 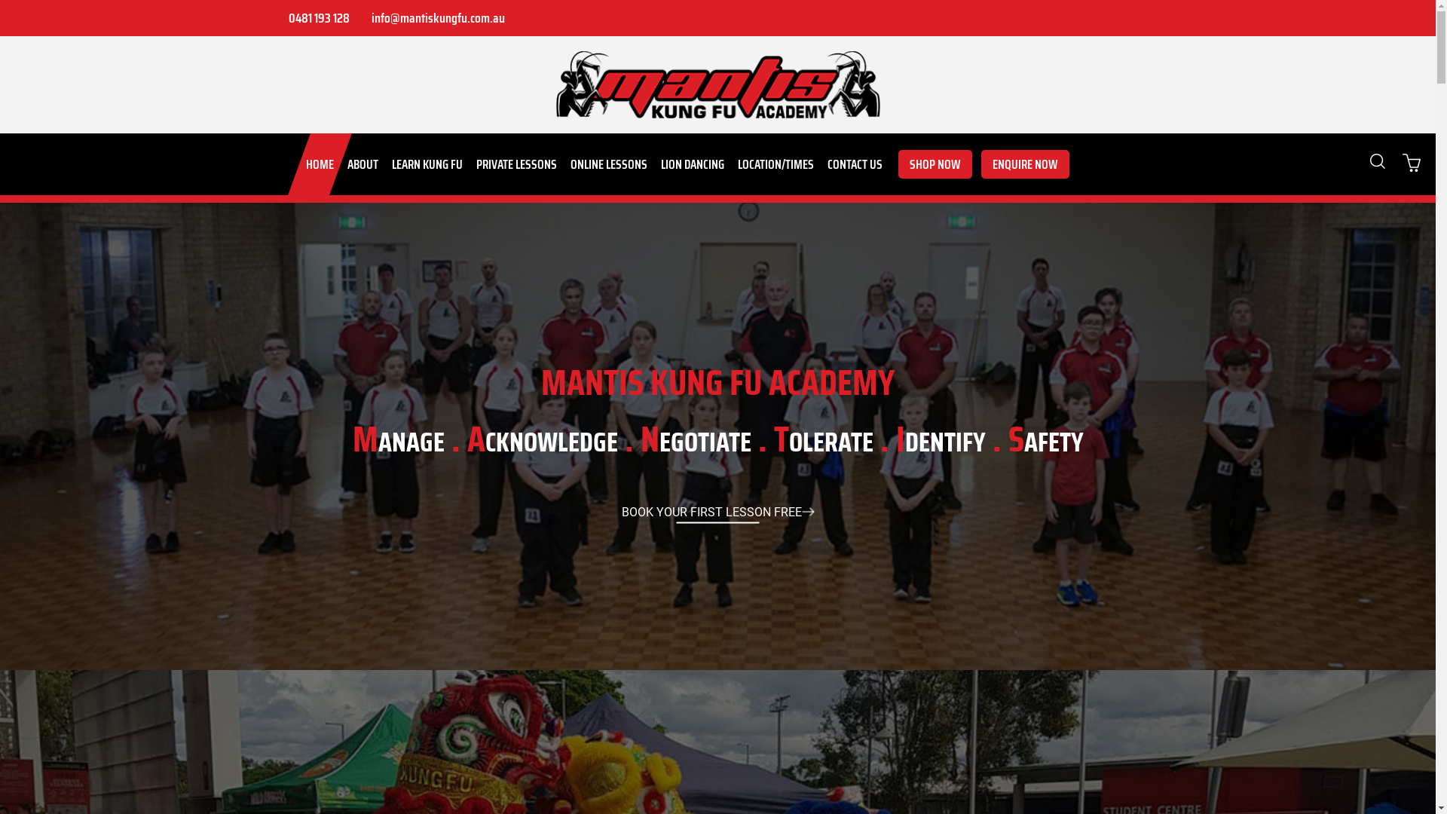 I want to click on 'ONLINE LESSONS', so click(x=608, y=164).